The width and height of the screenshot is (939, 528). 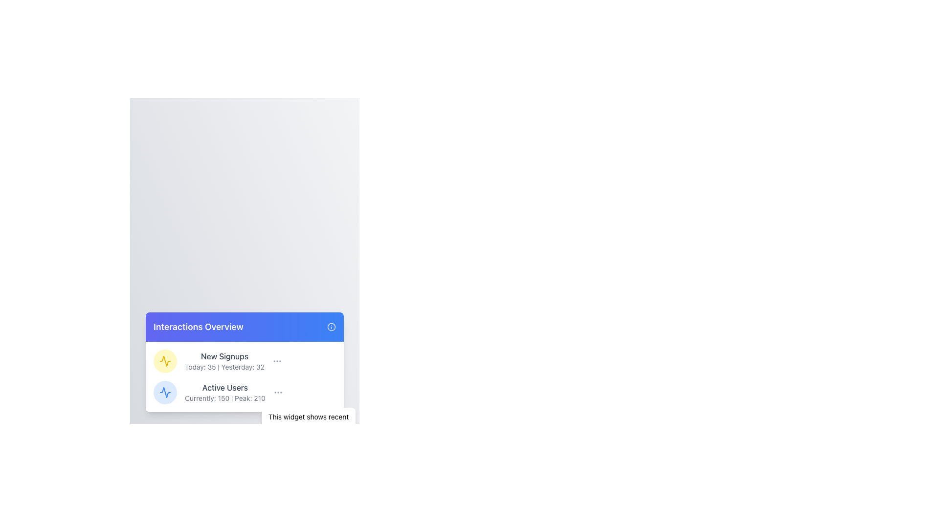 What do you see at coordinates (331, 327) in the screenshot?
I see `the circular vector graphic within the 'info' icon, which is part of the blue banner titled 'Interactions Overview'` at bounding box center [331, 327].